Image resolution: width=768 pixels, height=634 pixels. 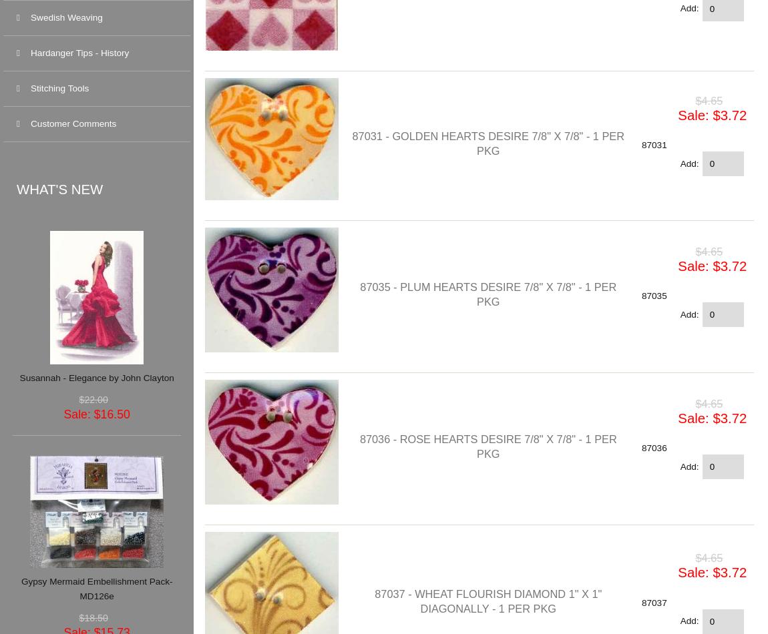 What do you see at coordinates (95, 587) in the screenshot?
I see `'Gypsy Mermaid Embellishment Pack-MD126e'` at bounding box center [95, 587].